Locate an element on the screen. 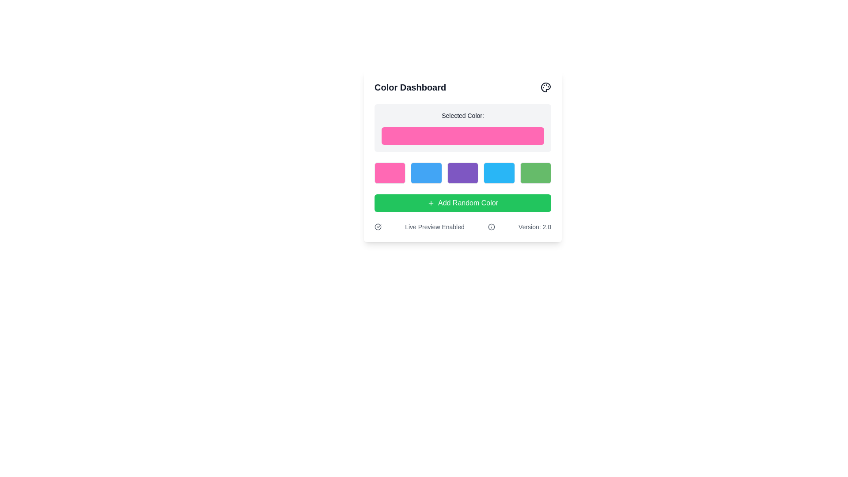  the vivid blue button with rounded corners, located in the Color Dashboard interface is located at coordinates (499, 173).